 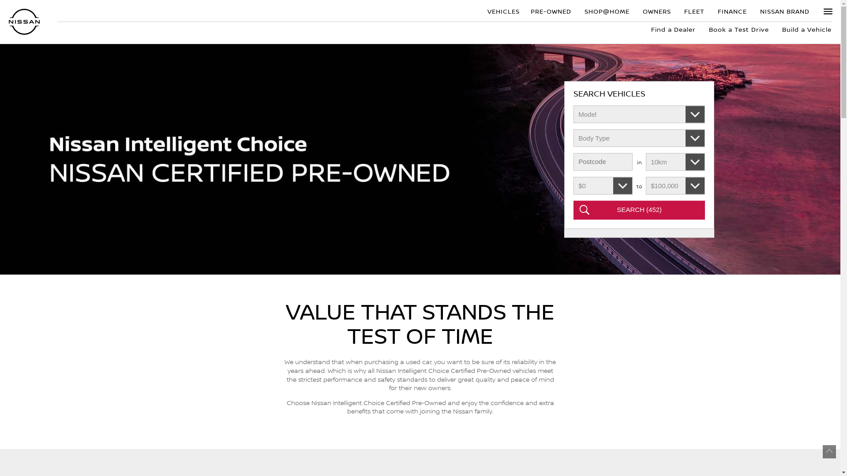 I want to click on 'SEARCH (452)', so click(x=639, y=210).